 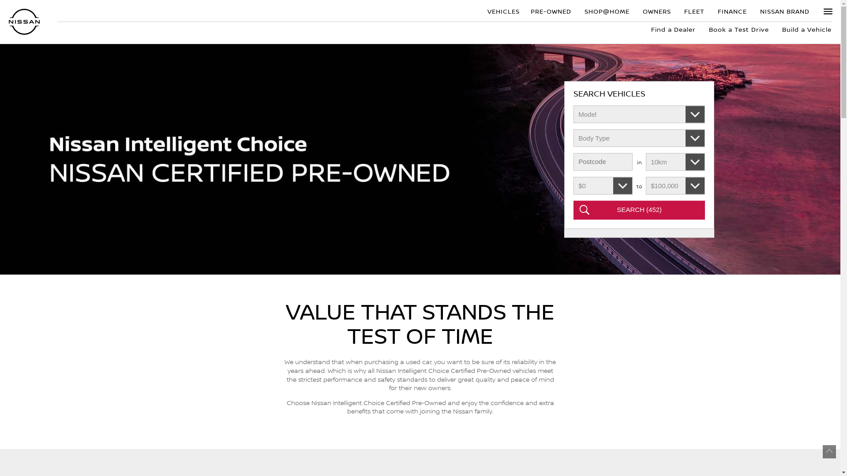 I want to click on 'SEARCH (452)', so click(x=639, y=210).